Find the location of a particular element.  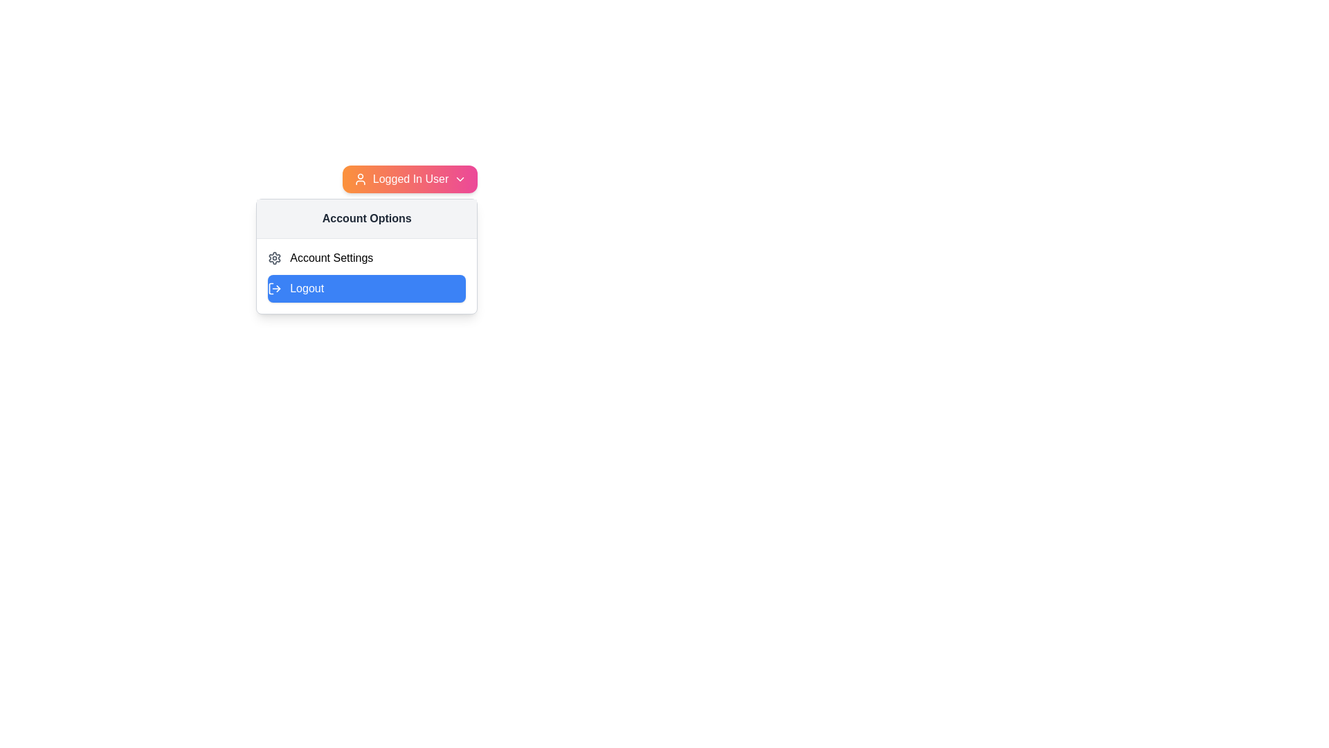

the 'Account Settings' icon located in the top left segment of the dropdown menu under 'Account Options' is located at coordinates (275, 258).